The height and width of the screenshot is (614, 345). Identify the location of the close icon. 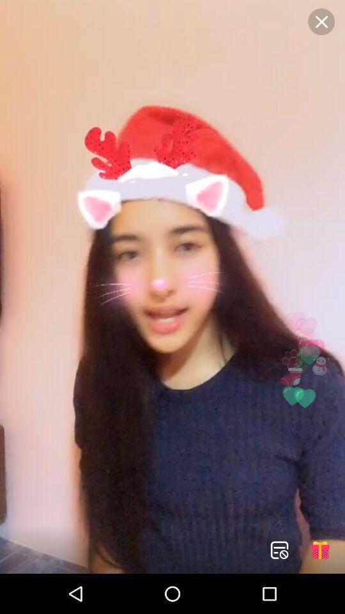
(321, 21).